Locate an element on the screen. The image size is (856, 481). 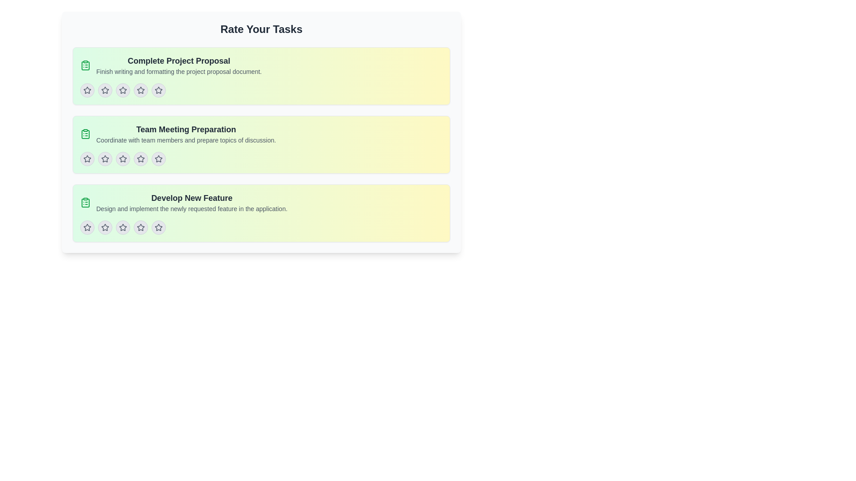
the second star icon to provide a two-star rating for the 'Complete Project Proposal' task is located at coordinates (140, 90).